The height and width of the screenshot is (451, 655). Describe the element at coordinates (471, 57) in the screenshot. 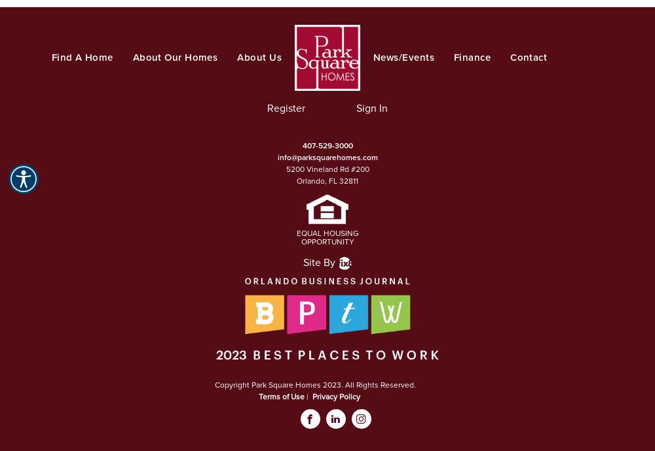

I see `'Finance'` at that location.